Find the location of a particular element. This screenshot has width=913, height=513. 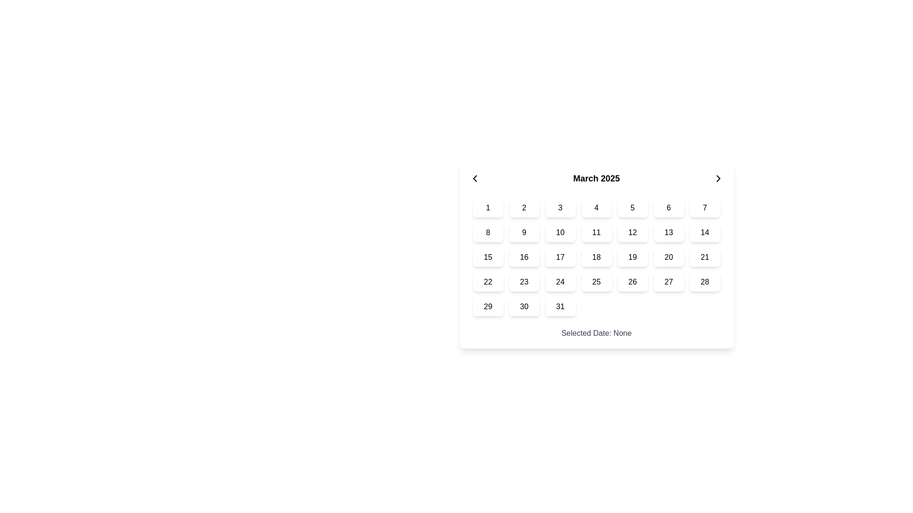

the specific date buttons within the Date Picker, which is a calendar interface featuring a header with 'March 2025' and a grid of interactive days is located at coordinates (596, 255).